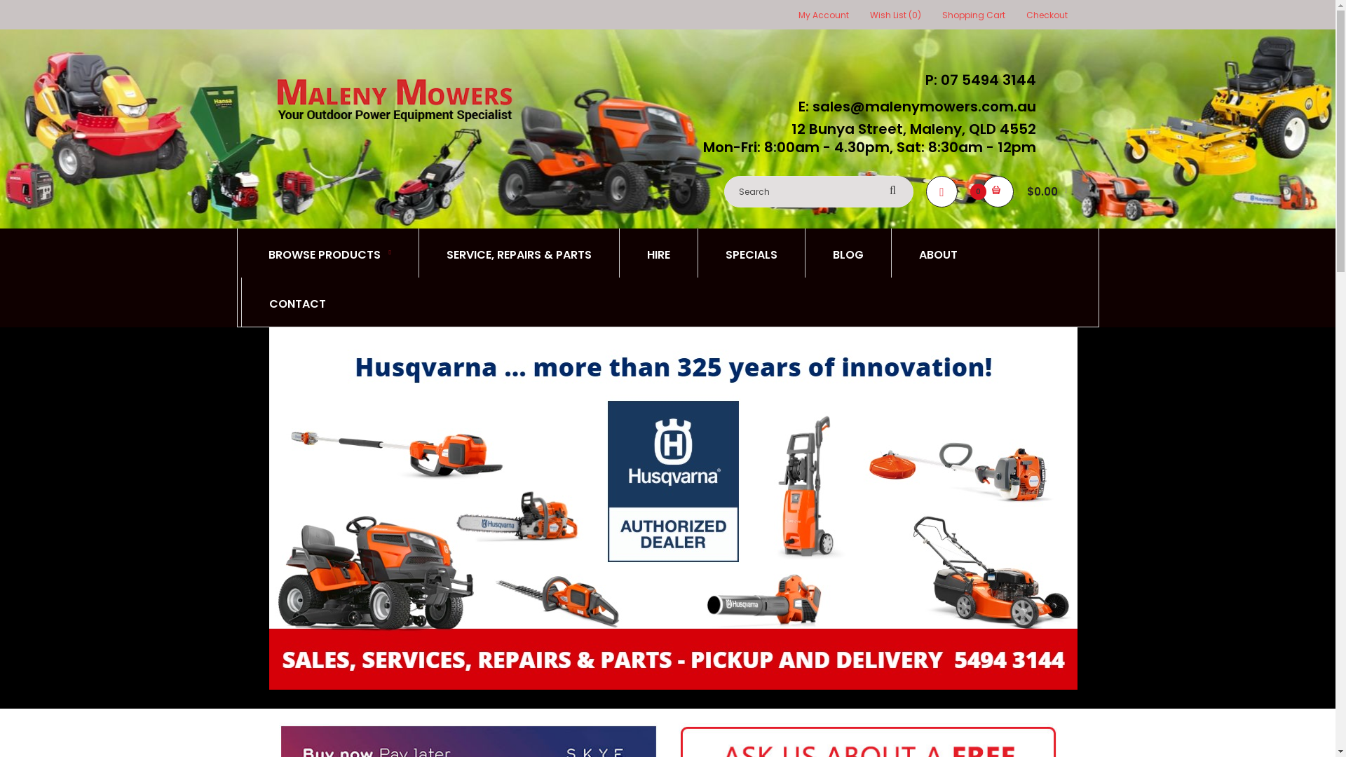  I want to click on 'CONTACT', so click(296, 301).